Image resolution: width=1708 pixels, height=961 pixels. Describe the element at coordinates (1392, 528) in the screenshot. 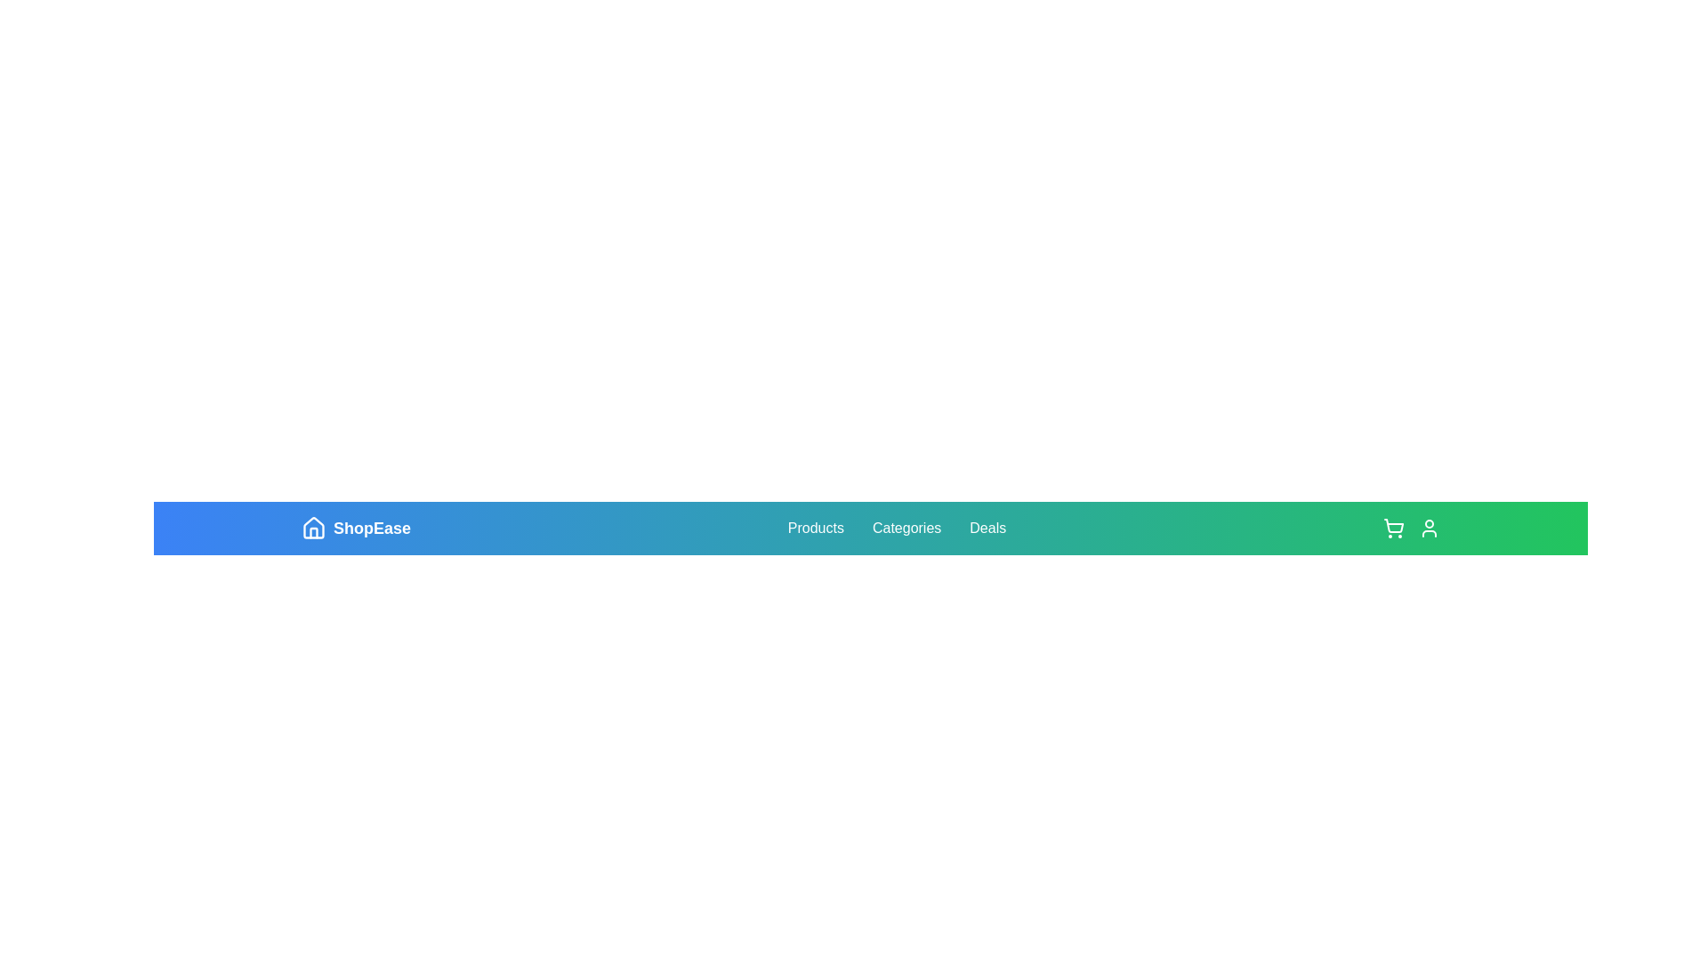

I see `the shopping cart icon located on the far-right side of the top navigation bar` at that location.